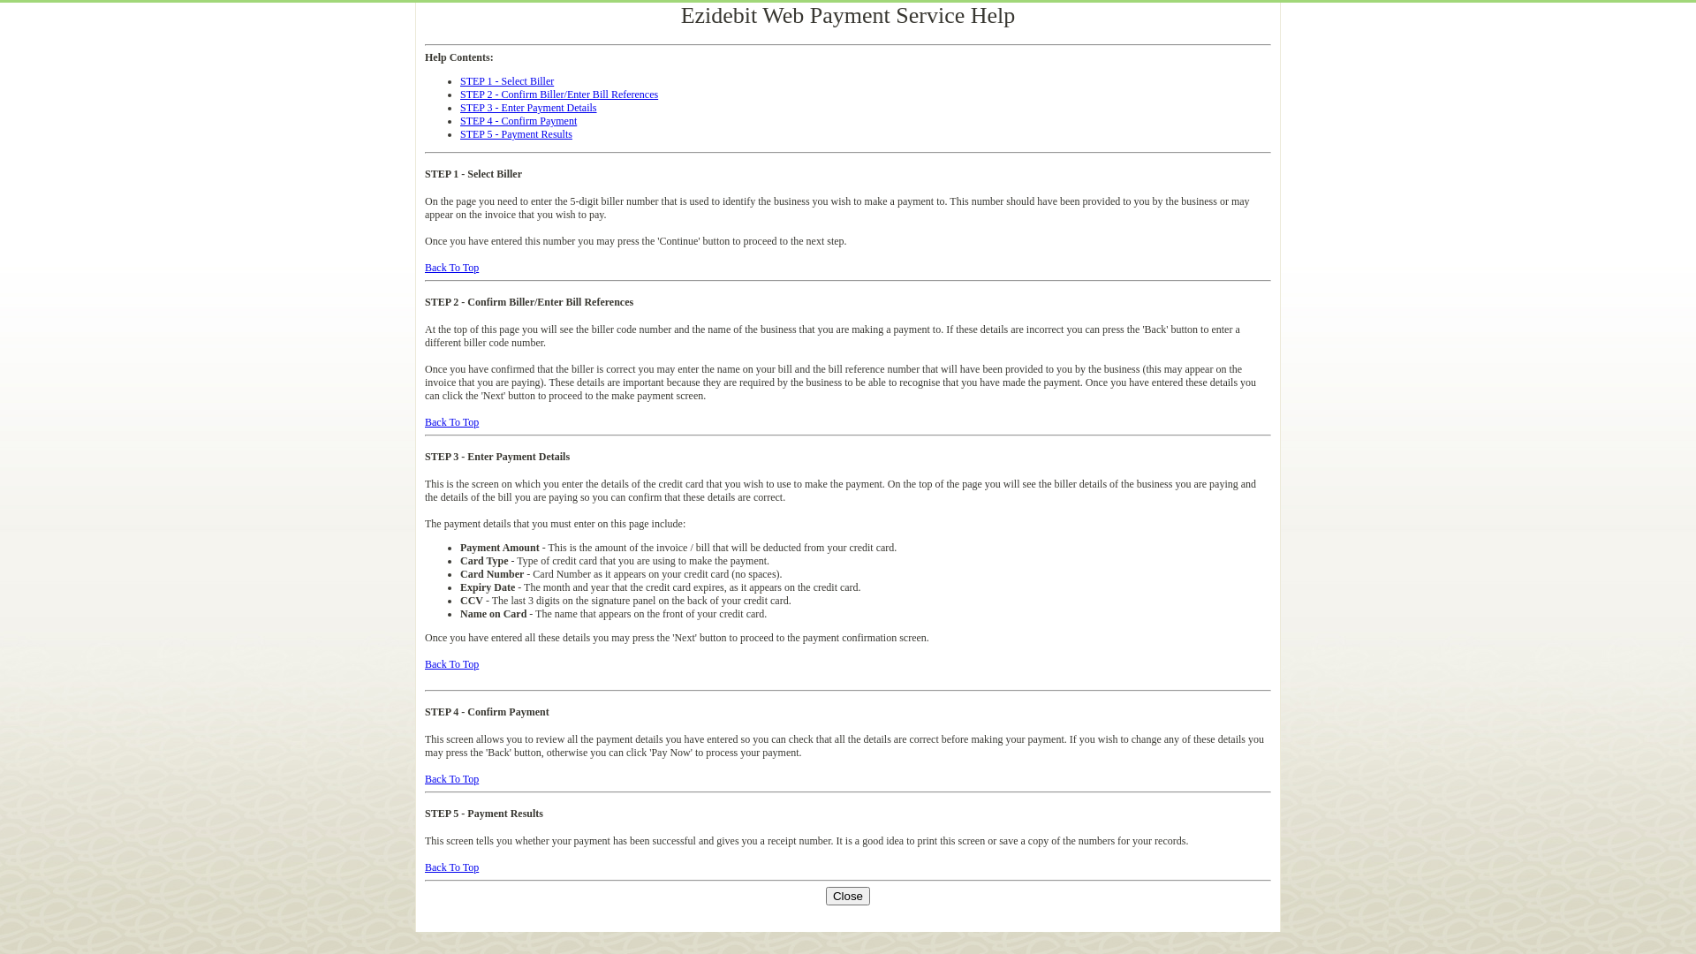 The width and height of the screenshot is (1696, 954). I want to click on 'STEP 2 - Confirm Biller/Enter Bill References', so click(558, 95).